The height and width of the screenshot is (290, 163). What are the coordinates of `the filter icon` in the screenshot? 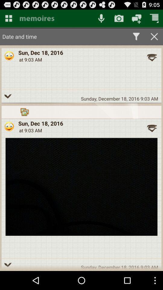 It's located at (136, 39).